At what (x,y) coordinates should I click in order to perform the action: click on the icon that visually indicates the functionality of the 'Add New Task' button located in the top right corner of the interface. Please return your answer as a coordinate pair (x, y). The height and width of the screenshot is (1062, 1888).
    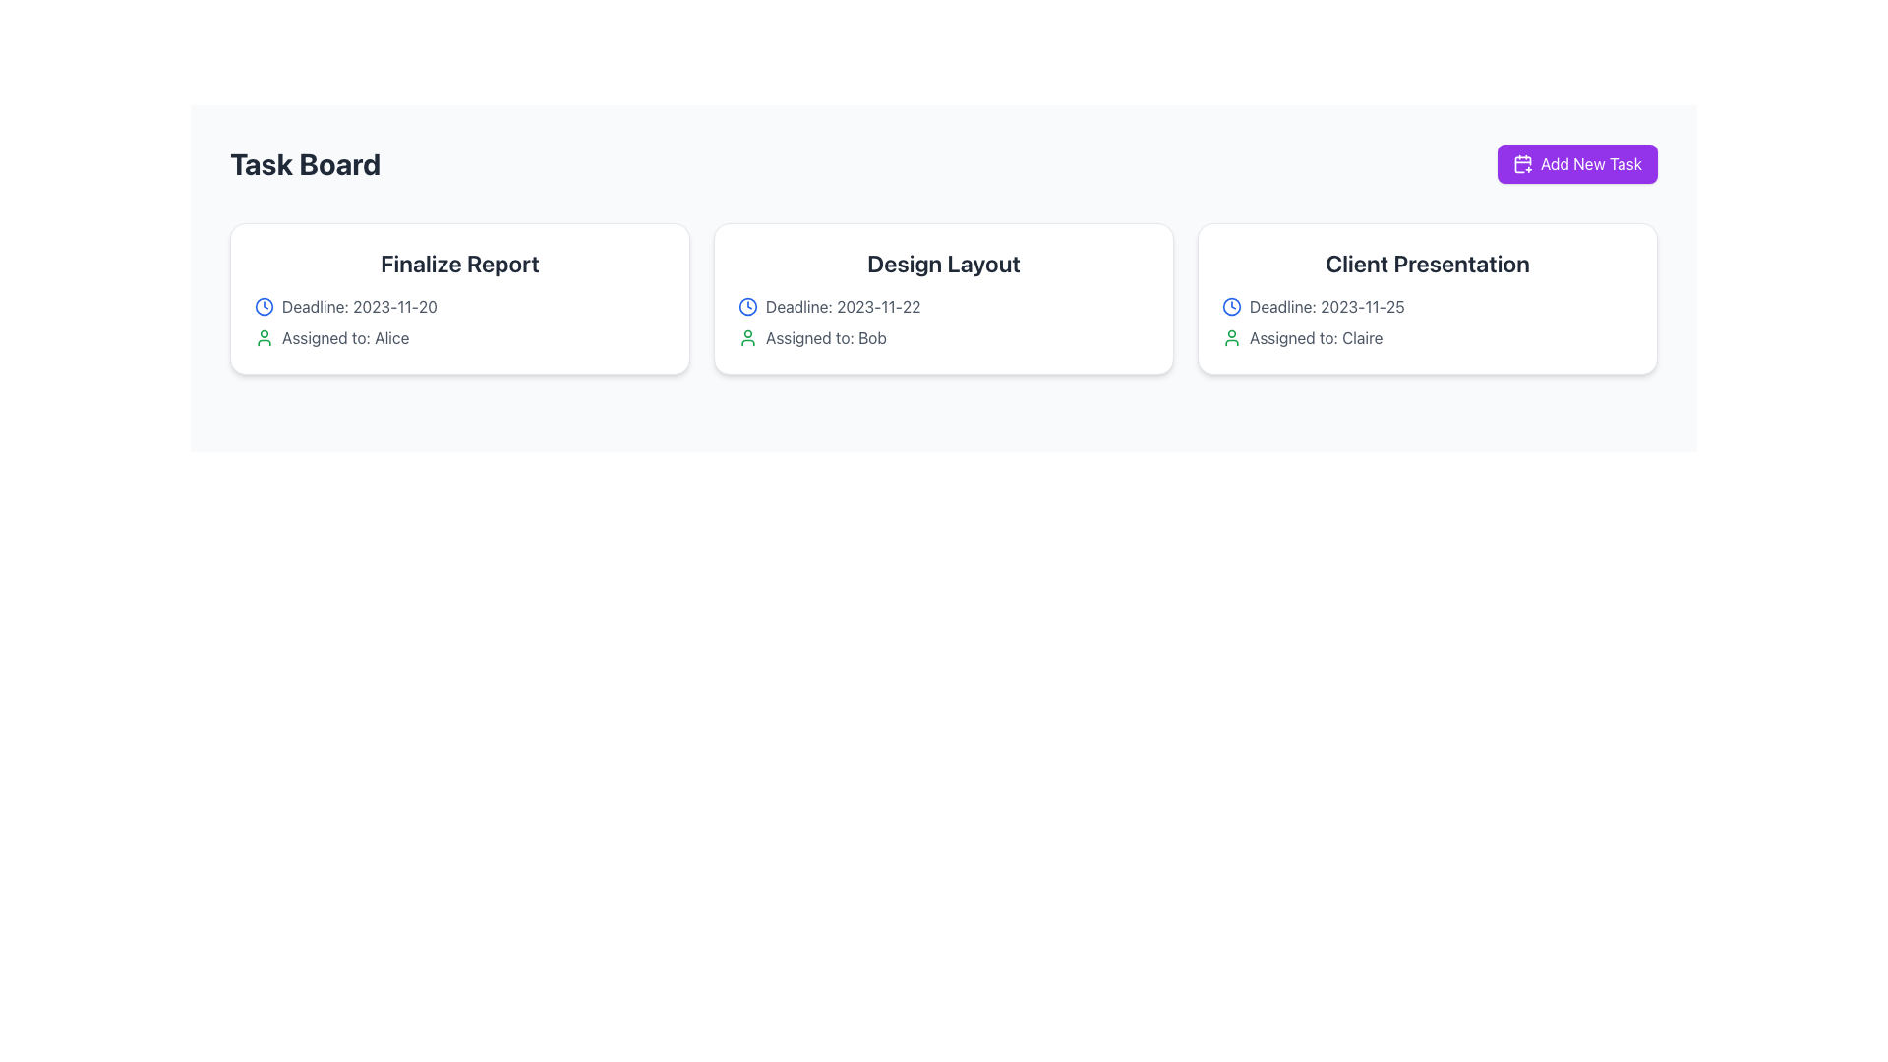
    Looking at the image, I should click on (1522, 162).